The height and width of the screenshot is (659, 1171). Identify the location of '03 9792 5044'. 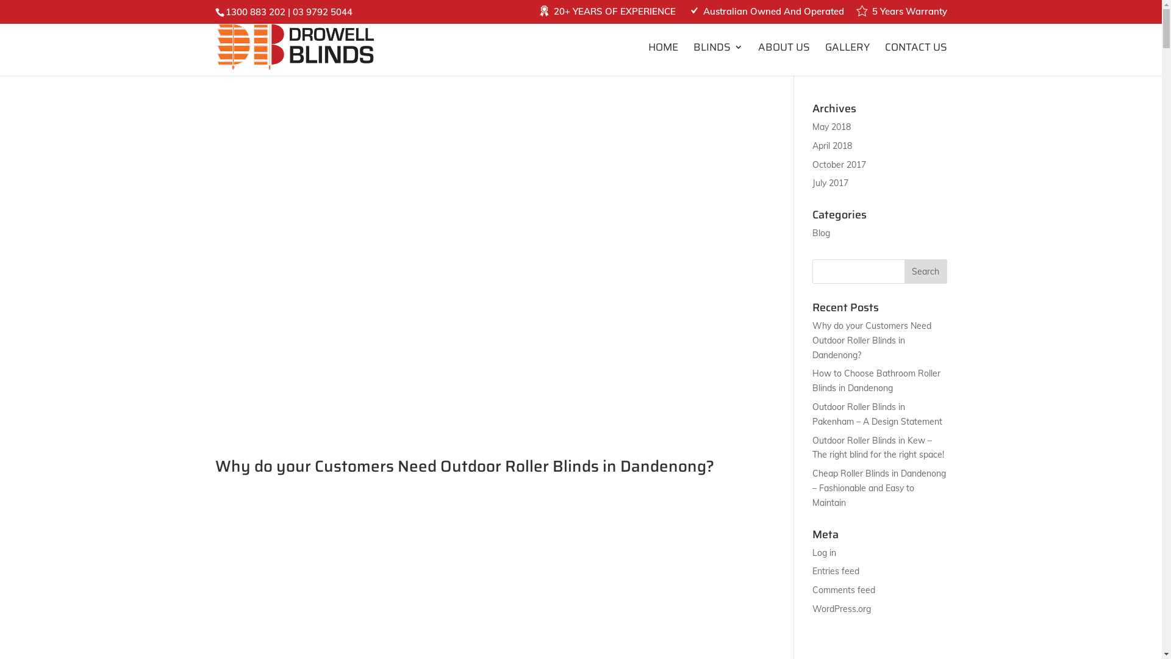
(293, 12).